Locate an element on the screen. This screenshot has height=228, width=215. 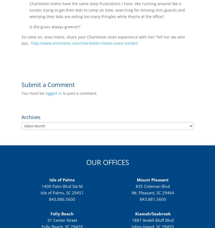
'31 Center Street' is located at coordinates (62, 220).